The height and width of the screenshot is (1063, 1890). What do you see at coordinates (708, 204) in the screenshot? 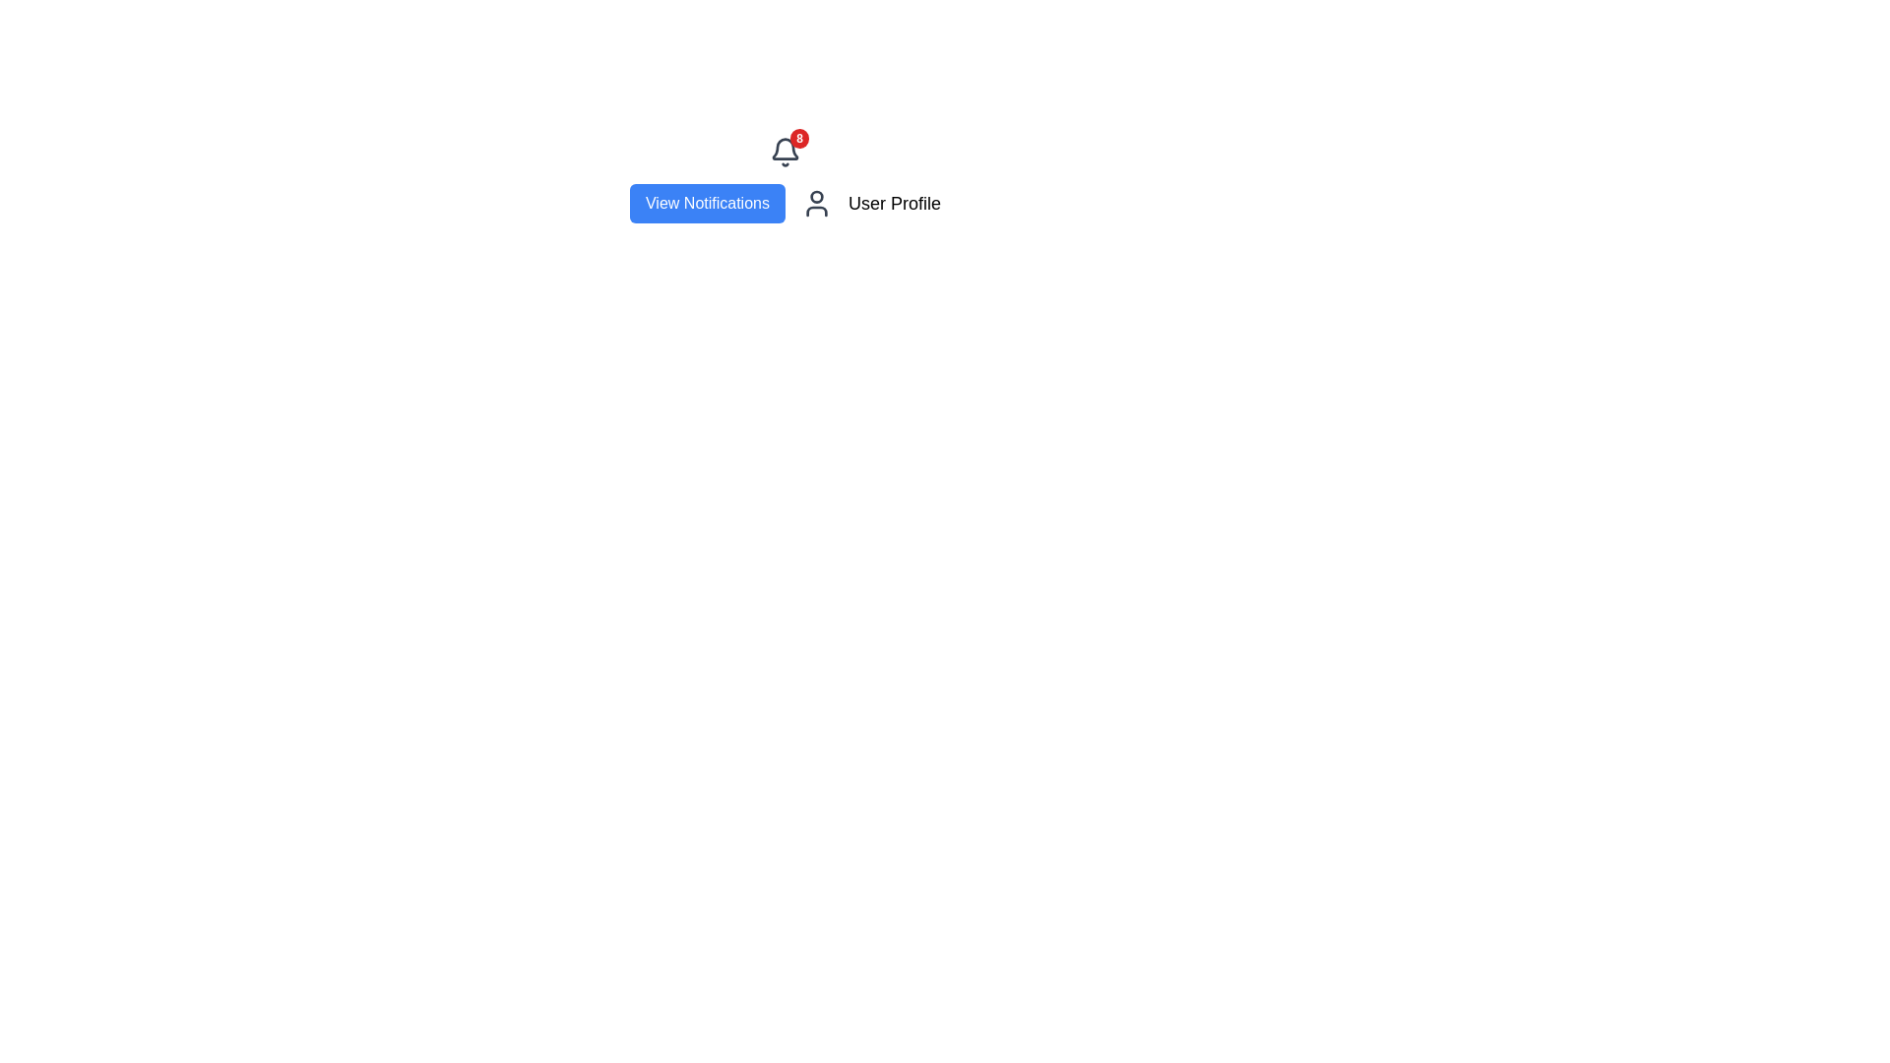
I see `the 'View Notifications' button, which has a blue background and white text, located on the left side of the user profile icon and label group` at bounding box center [708, 204].